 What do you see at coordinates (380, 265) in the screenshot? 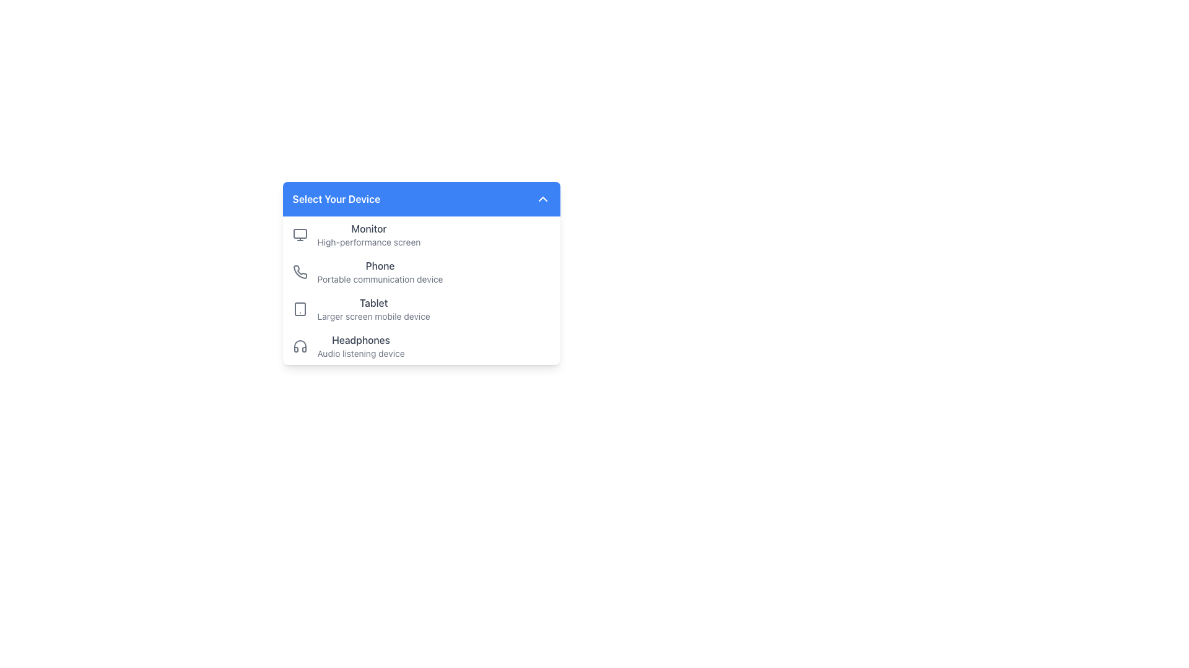
I see `the 'Phone' text label, which is styled in gray and positioned above the description 'Portable communication device' within the 'Select Your Device' section` at bounding box center [380, 265].